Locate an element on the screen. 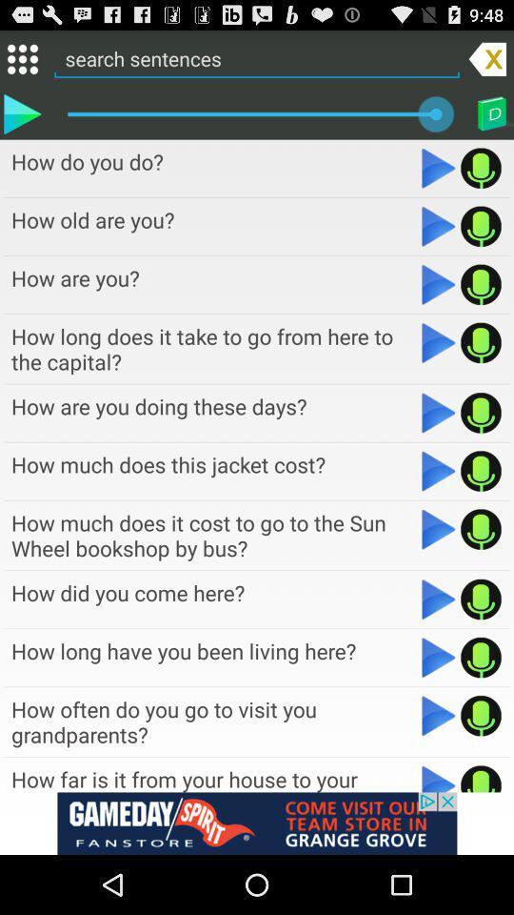  the book icon is located at coordinates (491, 120).